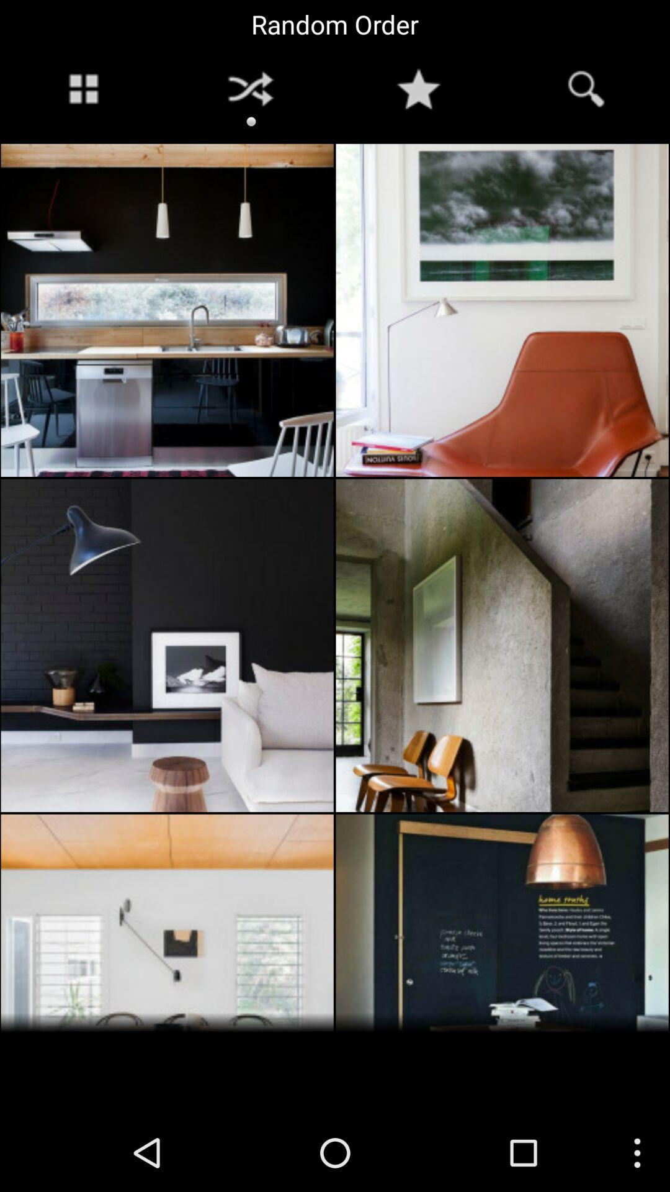 The image size is (670, 1192). Describe the element at coordinates (167, 923) in the screenshot. I see `the image in the bottom left` at that location.